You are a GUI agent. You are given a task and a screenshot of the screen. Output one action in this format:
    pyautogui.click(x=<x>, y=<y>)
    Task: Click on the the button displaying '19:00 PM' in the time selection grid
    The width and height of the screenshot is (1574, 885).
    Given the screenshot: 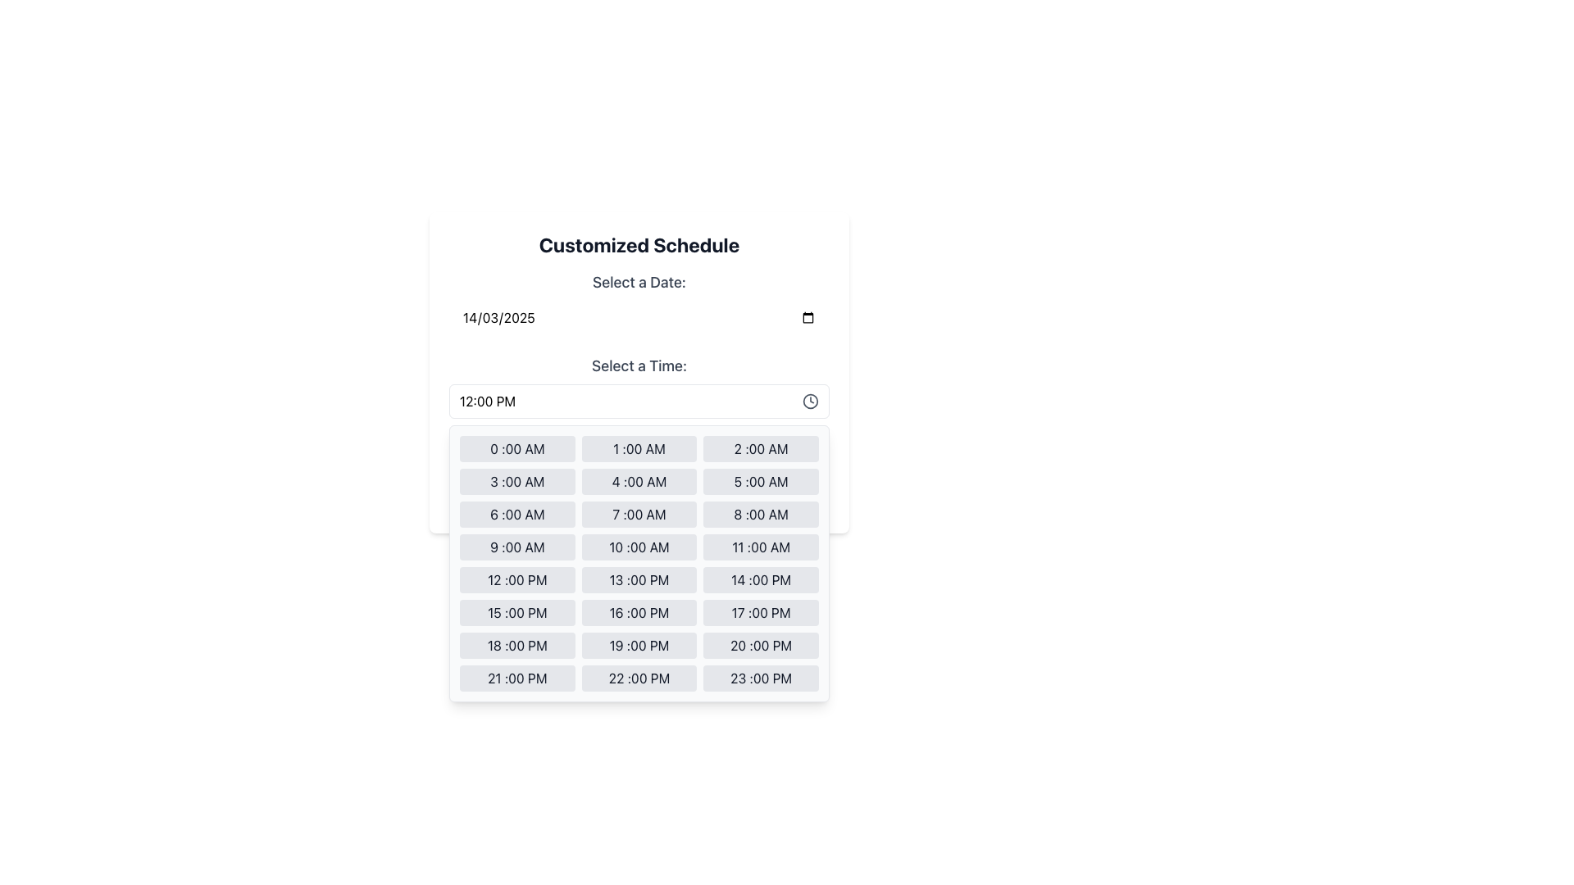 What is the action you would take?
    pyautogui.click(x=638, y=644)
    